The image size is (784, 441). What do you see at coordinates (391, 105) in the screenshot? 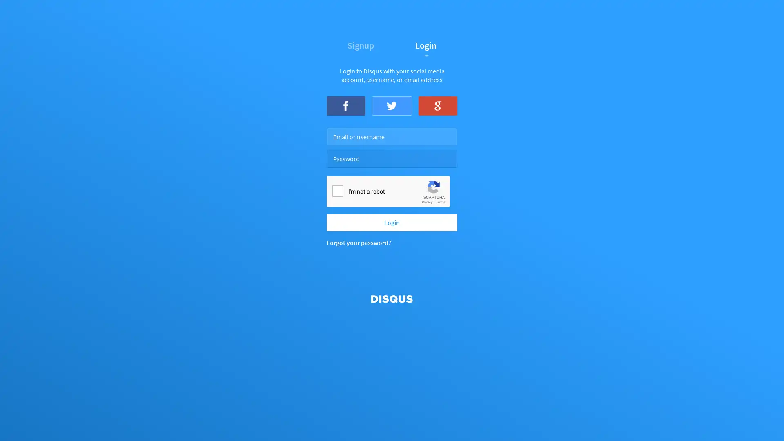
I see `Twitter` at bounding box center [391, 105].